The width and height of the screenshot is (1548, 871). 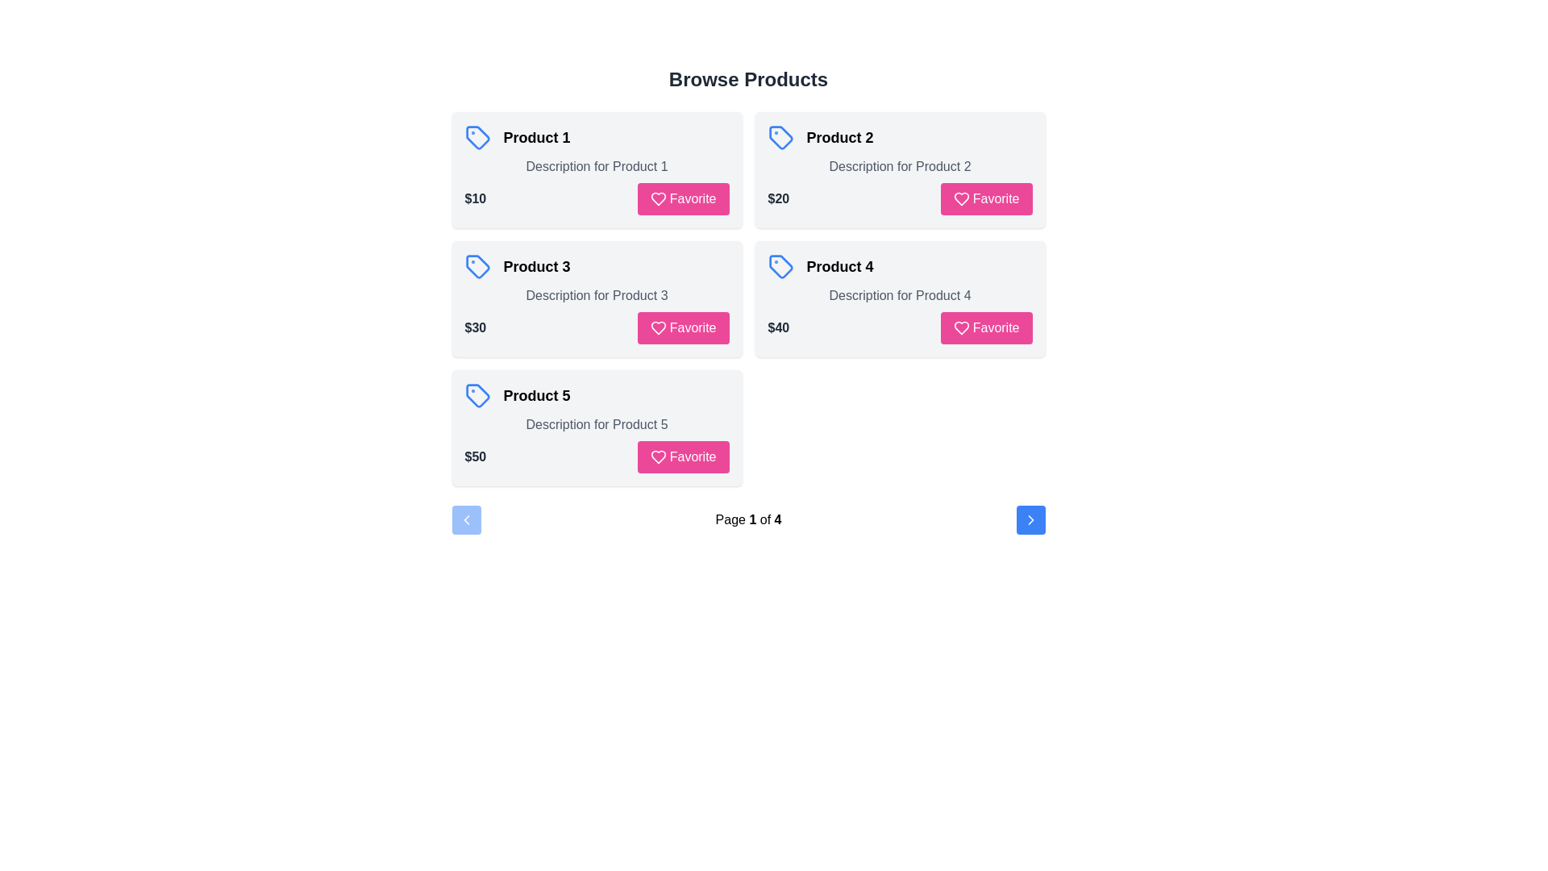 What do you see at coordinates (658, 457) in the screenshot?
I see `the heart icon that allows adding the associated product to favorites` at bounding box center [658, 457].